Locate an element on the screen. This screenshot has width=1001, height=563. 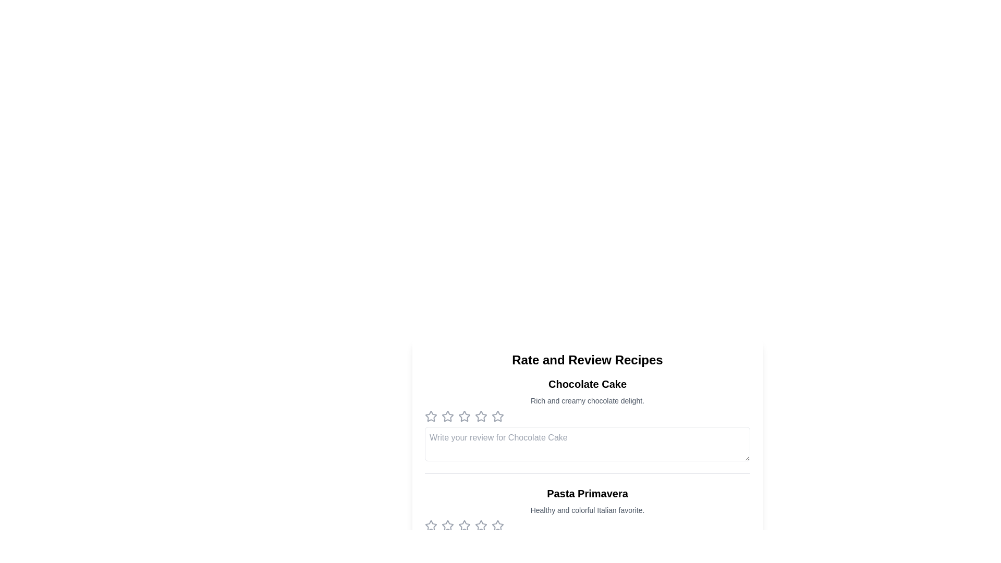
the interactive star icon, which is the first star in the second row of the rating system beneath the 'Pasta Primavera' header is located at coordinates (431, 525).